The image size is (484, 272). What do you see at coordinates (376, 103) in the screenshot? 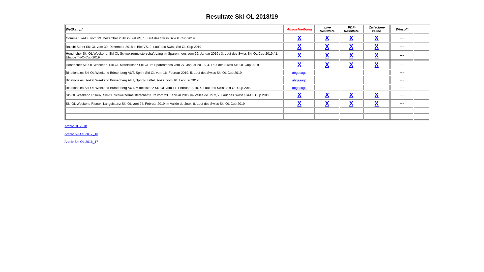
I see `'X'` at bounding box center [376, 103].